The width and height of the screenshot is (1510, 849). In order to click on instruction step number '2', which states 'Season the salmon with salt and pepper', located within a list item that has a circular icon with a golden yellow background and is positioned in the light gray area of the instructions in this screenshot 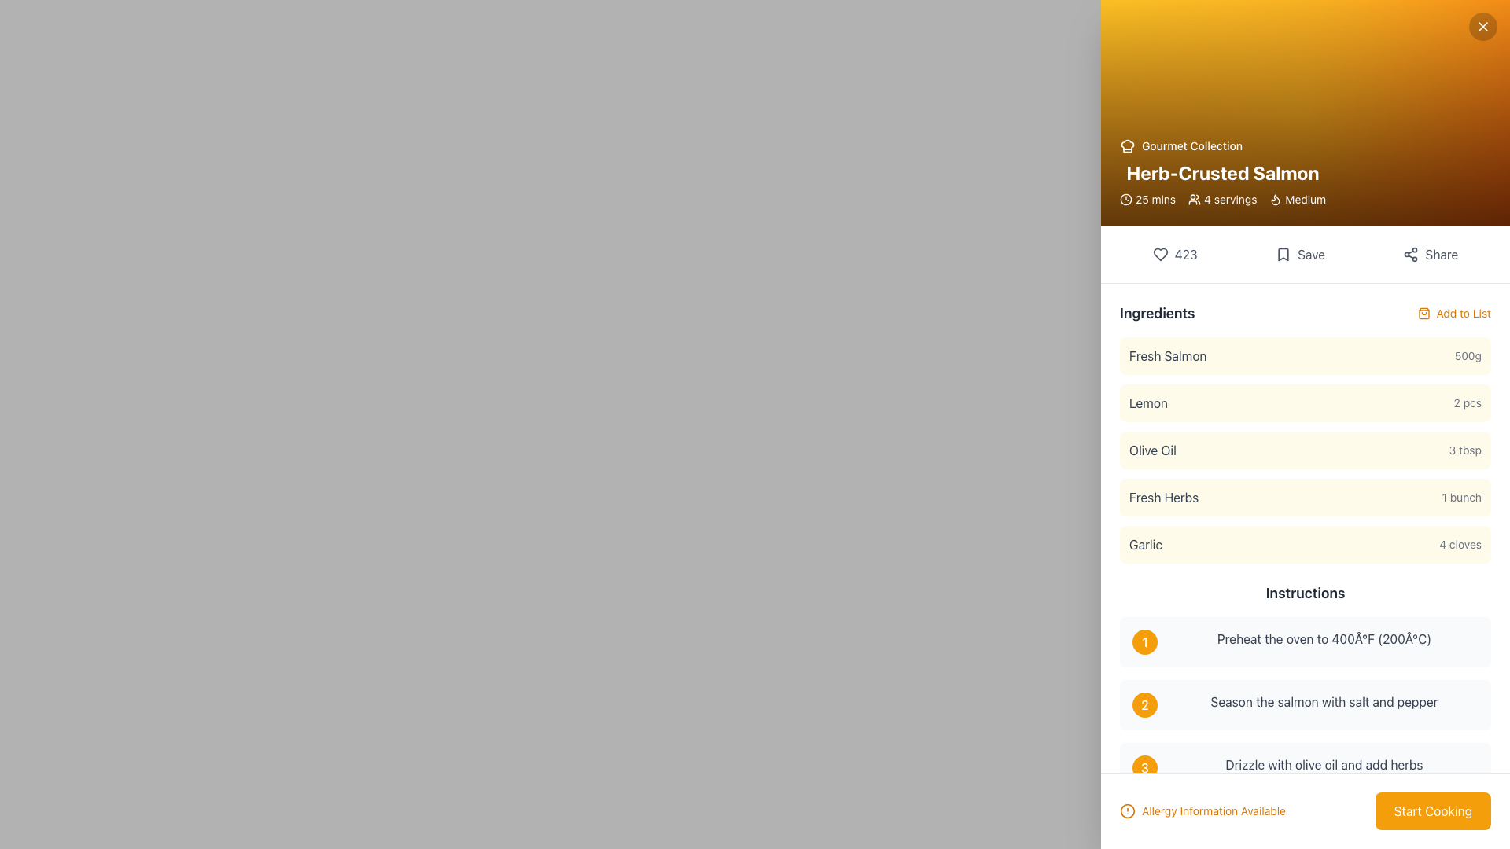, I will do `click(1306, 704)`.